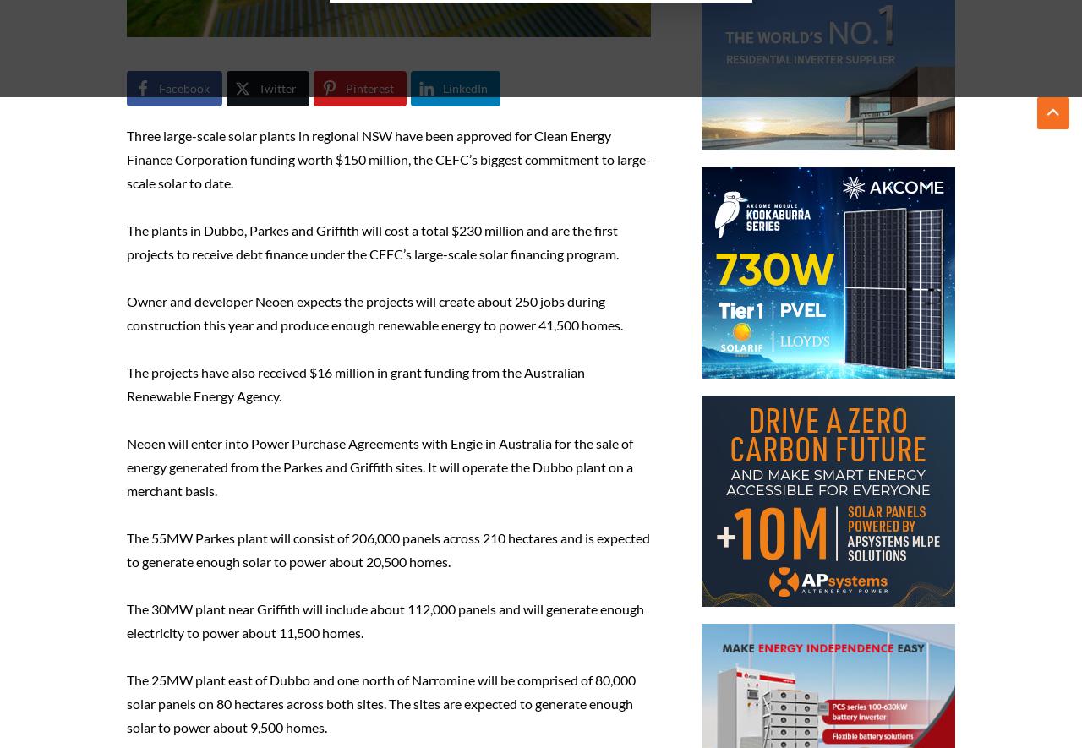 This screenshot has height=748, width=1082. Describe the element at coordinates (354, 383) in the screenshot. I see `'The projects have also received $16 million in grant funding from the Australian Renewable Energy Agency.'` at that location.